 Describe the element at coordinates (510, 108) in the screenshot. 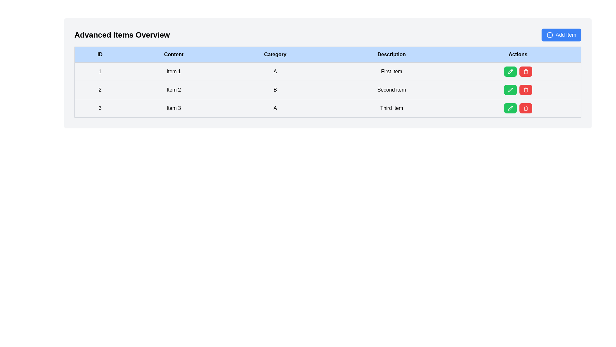

I see `the pencil icon in the rightmost column titled 'Actions' of the third row to initiate the edit functionality` at that location.